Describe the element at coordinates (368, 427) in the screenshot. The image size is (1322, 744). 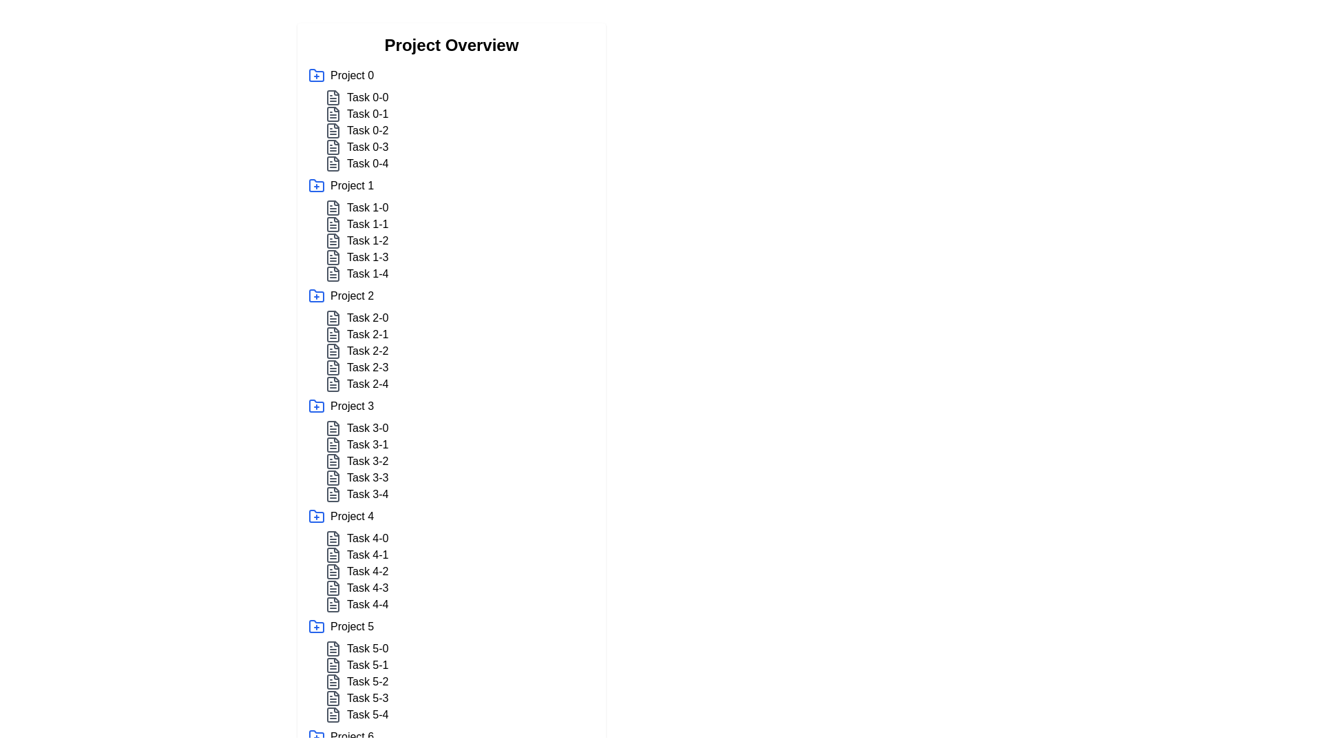
I see `the static text element labeled 'Task 3-0', which is the first item in the list under 'Project 3'` at that location.